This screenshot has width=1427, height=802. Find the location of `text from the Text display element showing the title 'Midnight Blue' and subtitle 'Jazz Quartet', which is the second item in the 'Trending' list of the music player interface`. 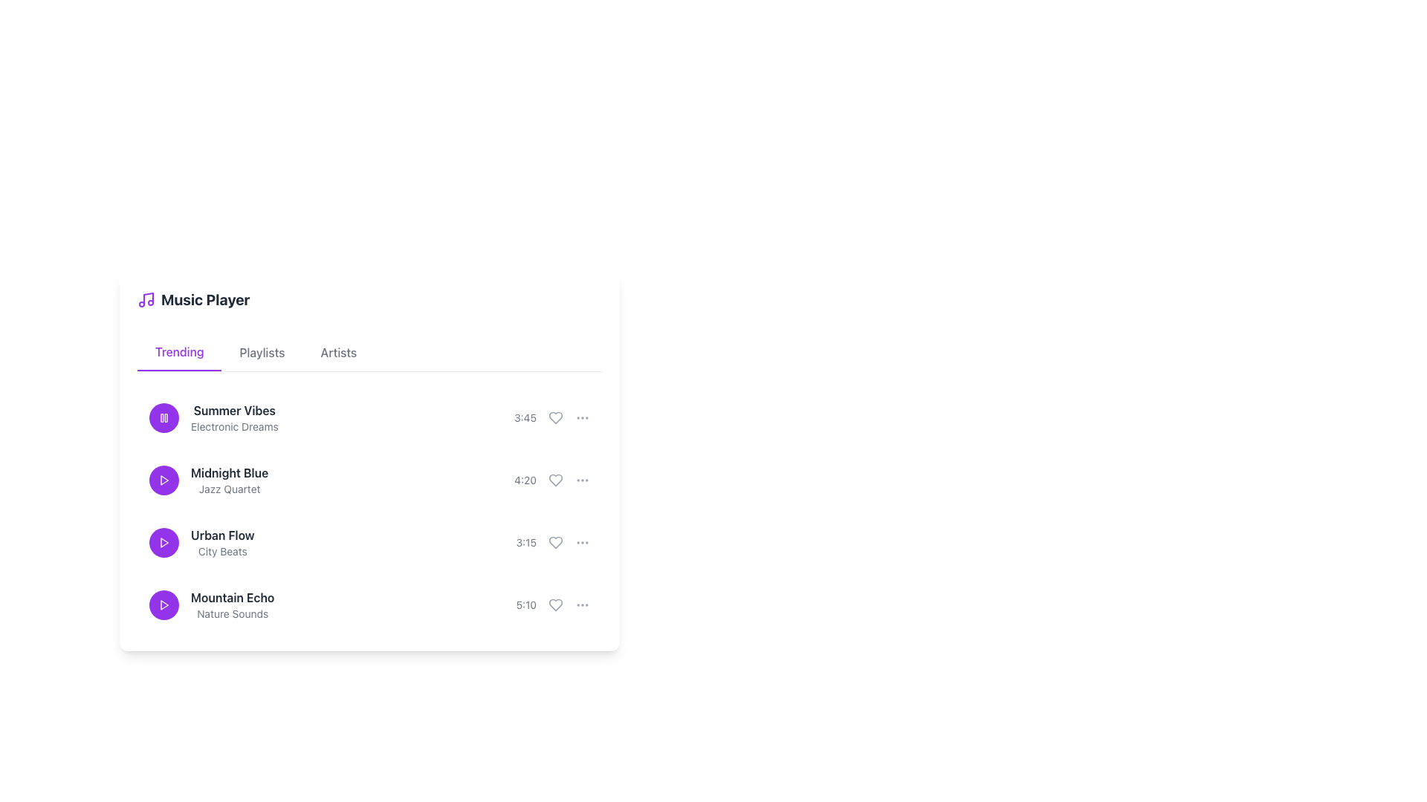

text from the Text display element showing the title 'Midnight Blue' and subtitle 'Jazz Quartet', which is the second item in the 'Trending' list of the music player interface is located at coordinates (229, 480).